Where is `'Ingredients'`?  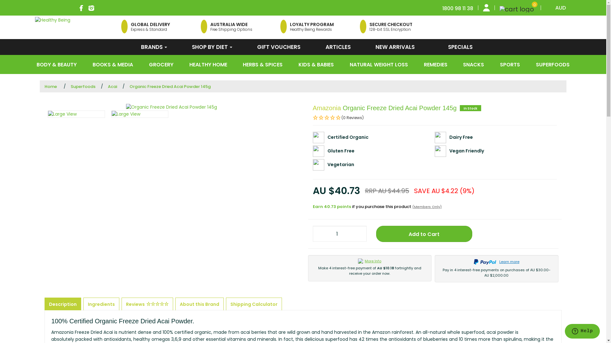
'Ingredients' is located at coordinates (101, 303).